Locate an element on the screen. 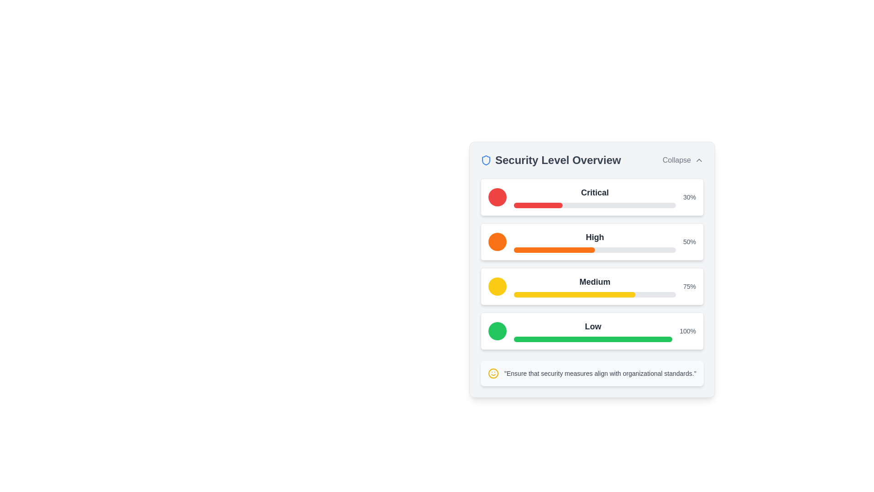 This screenshot has height=492, width=874. text content of the label 'Low' displayed in bold font above the green progress bar in the 'Security Level Overview' section is located at coordinates (593, 331).